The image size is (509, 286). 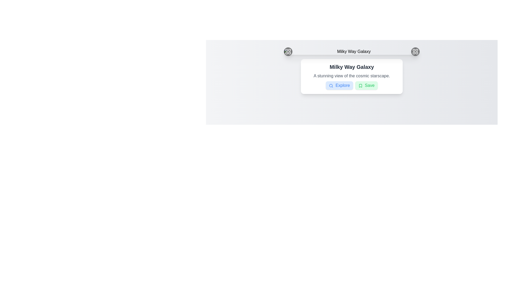 I want to click on the heading-style text element that serves as the title for the card, which is prominently displayed at the top and centered within the card, so click(x=352, y=67).